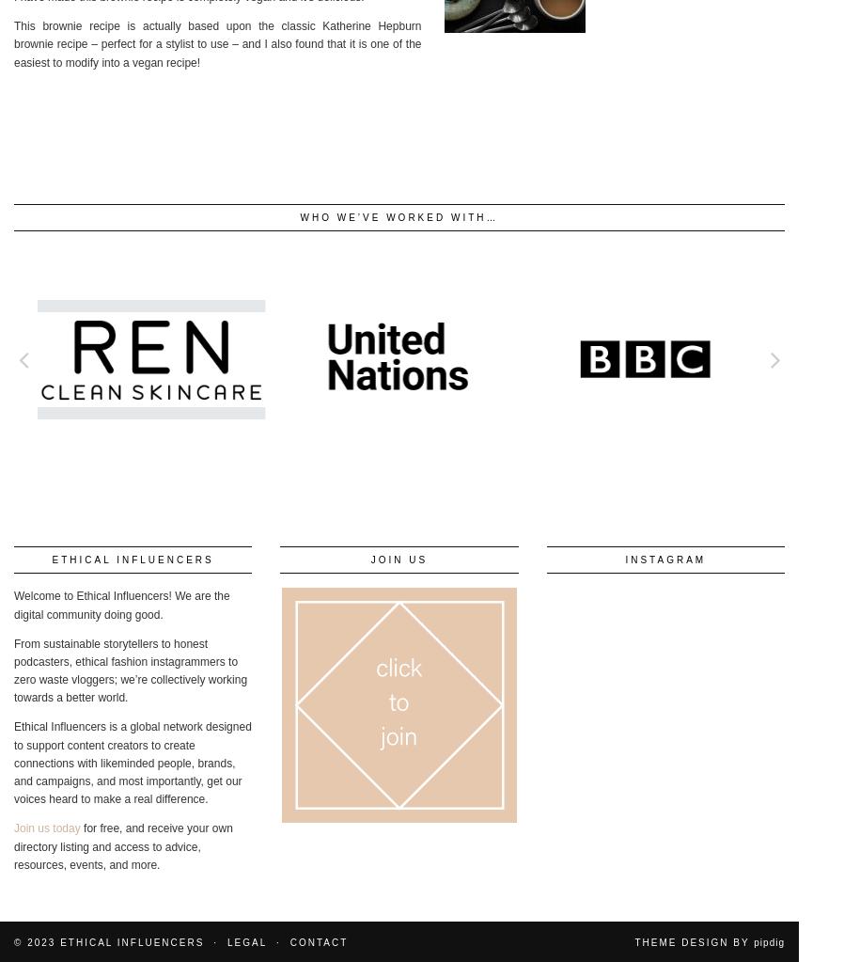 Image resolution: width=844 pixels, height=962 pixels. What do you see at coordinates (12, 670) in the screenshot?
I see `'From sustainable storytellers to honest podcasters, ethical fashion instagrammers to zero waste vloggers; we’re collectively working towards a better world.'` at bounding box center [12, 670].